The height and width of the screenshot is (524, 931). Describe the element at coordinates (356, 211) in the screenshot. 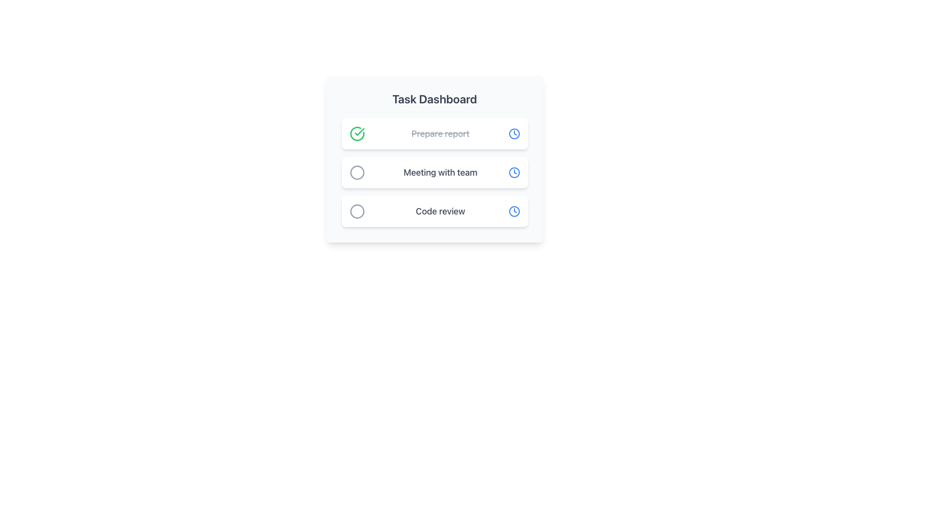

I see `the visual state of the Circle Graphic, which serves as a status indicator for the 'Code review' task located at the leftmost side of the task row` at that location.